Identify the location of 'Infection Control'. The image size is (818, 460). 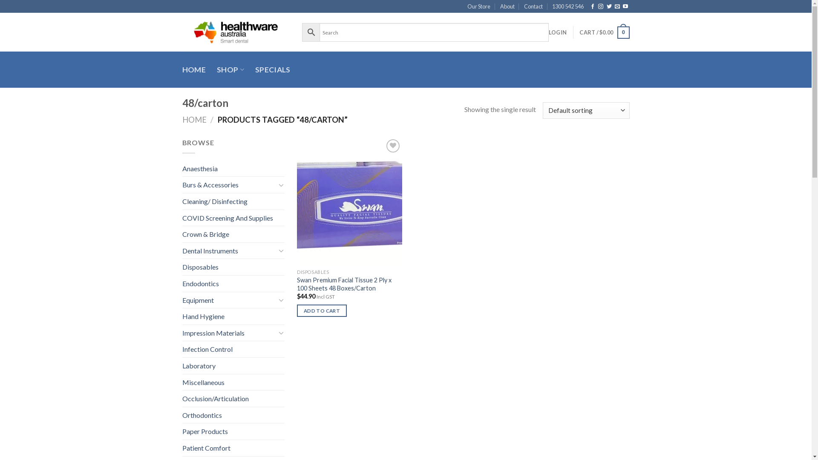
(233, 349).